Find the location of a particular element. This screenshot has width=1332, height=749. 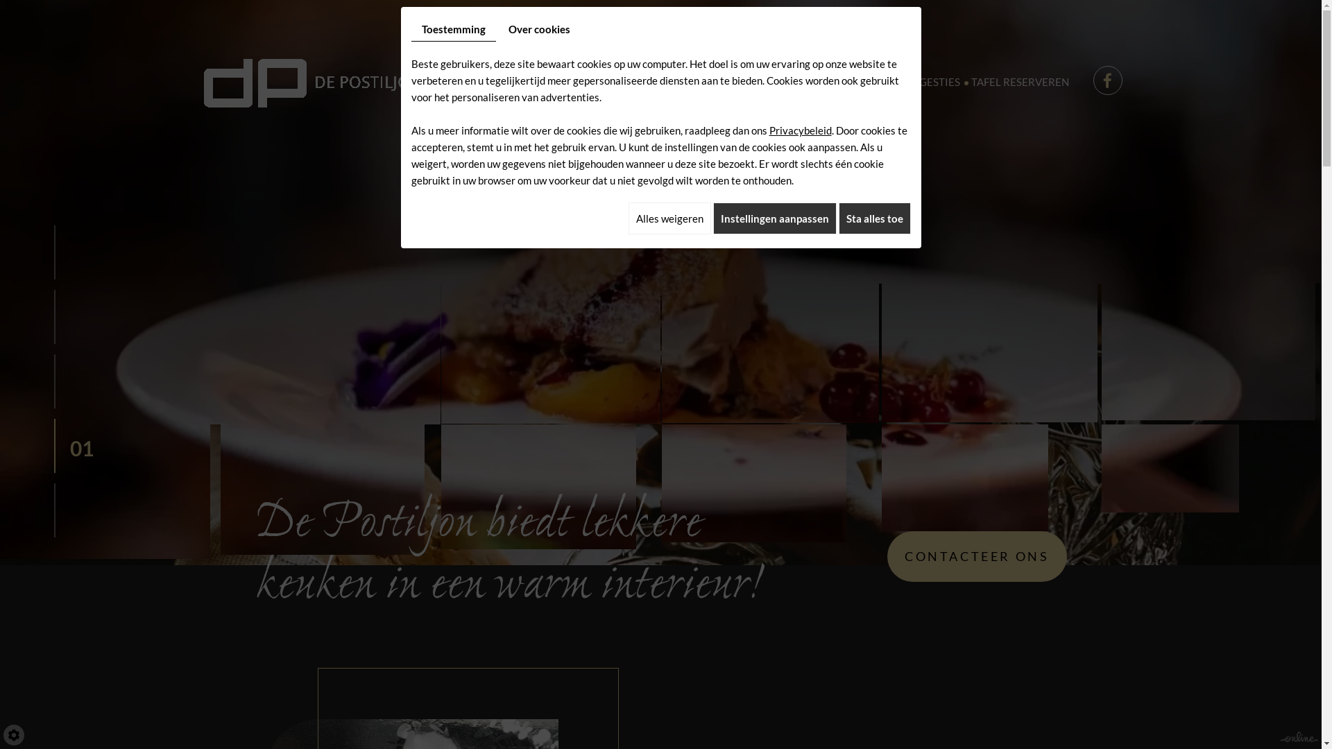

'CONTACTEER ONS' is located at coordinates (975, 556).